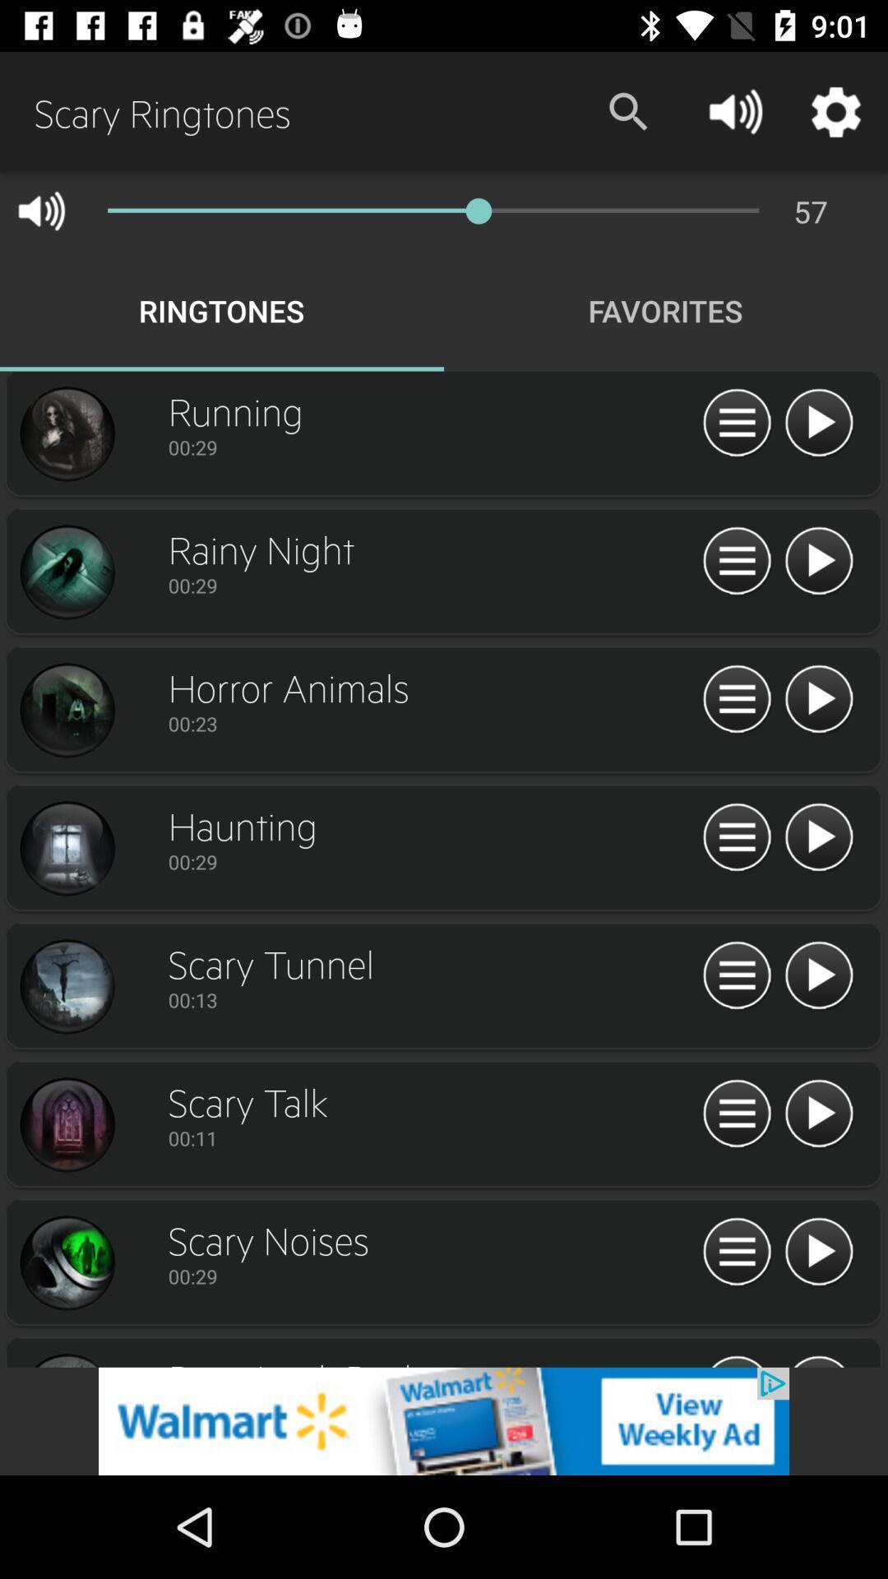 This screenshot has height=1579, width=888. I want to click on haunting, so click(66, 849).